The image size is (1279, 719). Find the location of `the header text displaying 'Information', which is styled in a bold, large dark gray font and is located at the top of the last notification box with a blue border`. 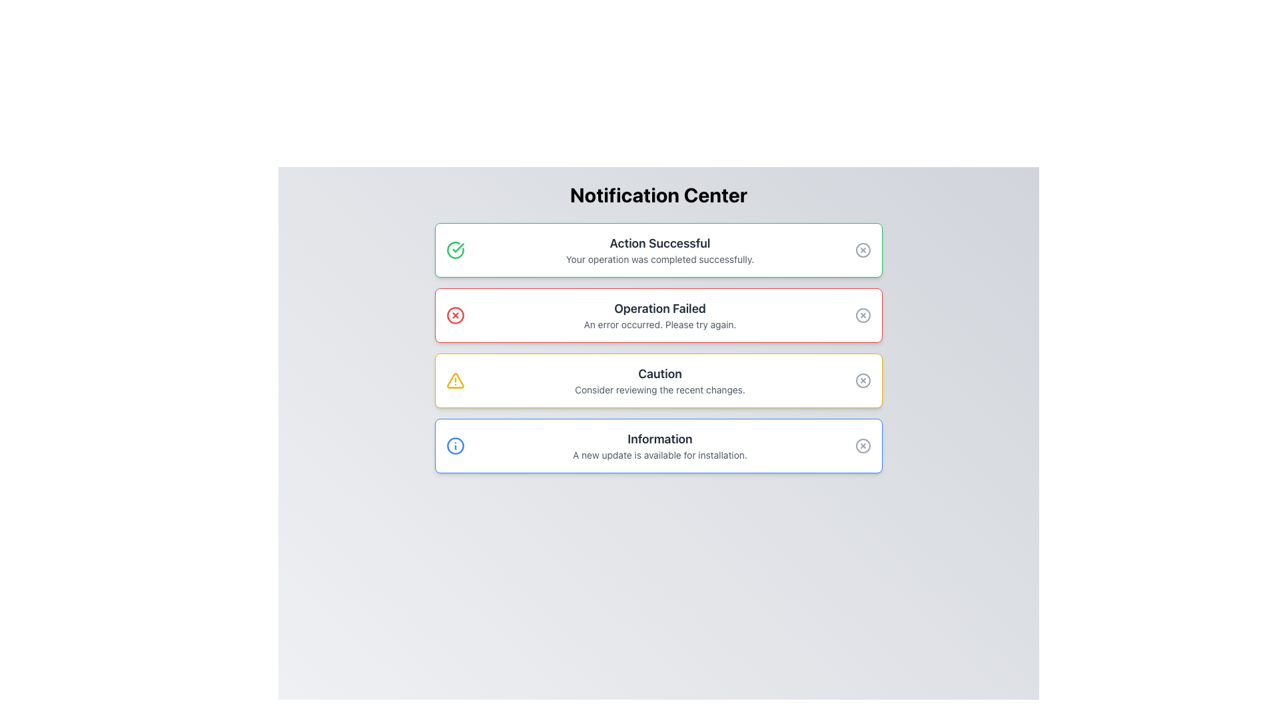

the header text displaying 'Information', which is styled in a bold, large dark gray font and is located at the top of the last notification box with a blue border is located at coordinates (659, 439).